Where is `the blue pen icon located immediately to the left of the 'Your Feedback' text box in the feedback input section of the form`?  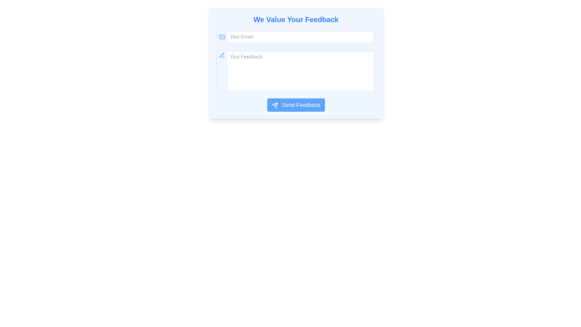
the blue pen icon located immediately to the left of the 'Your Feedback' text box in the feedback input section of the form is located at coordinates (222, 55).